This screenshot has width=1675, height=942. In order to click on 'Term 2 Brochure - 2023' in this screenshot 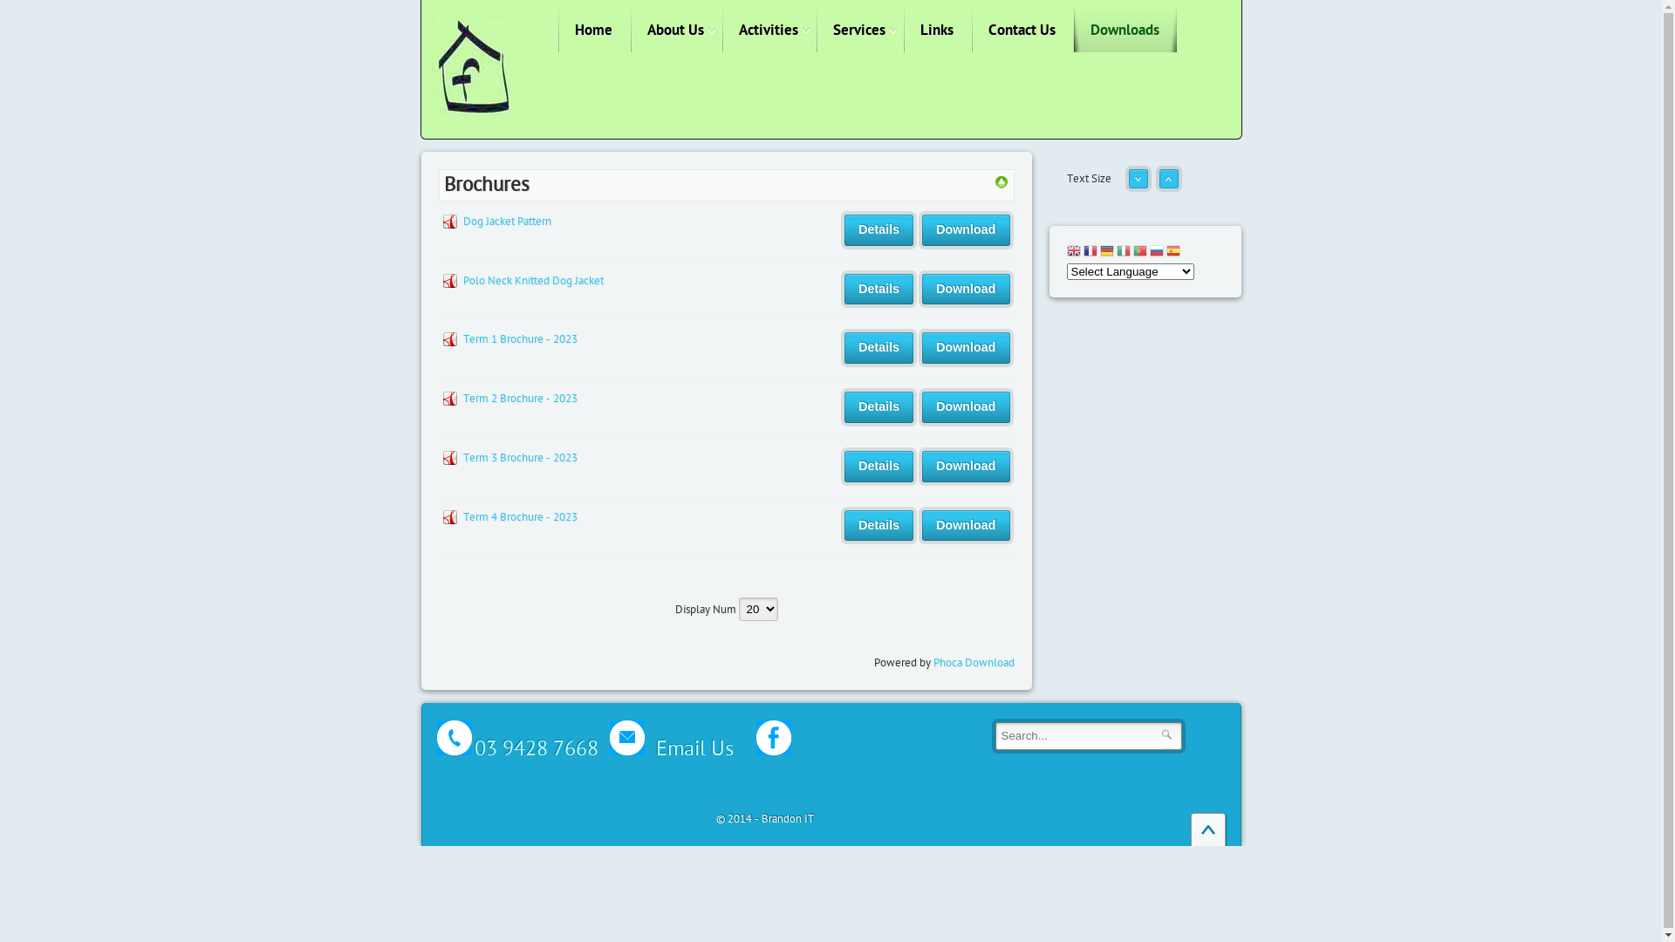, I will do `click(461, 398)`.